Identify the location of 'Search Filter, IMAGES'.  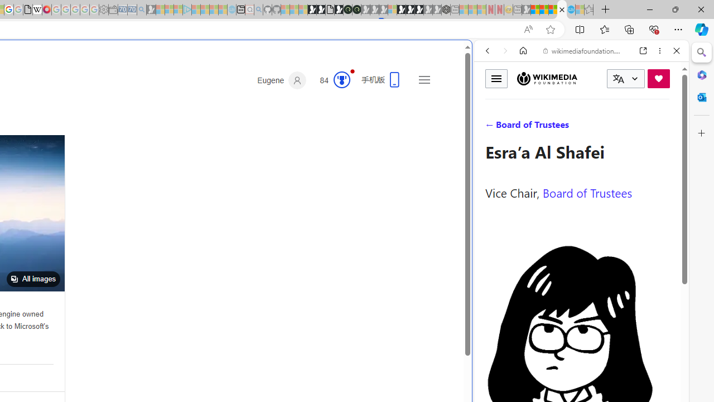
(524, 127).